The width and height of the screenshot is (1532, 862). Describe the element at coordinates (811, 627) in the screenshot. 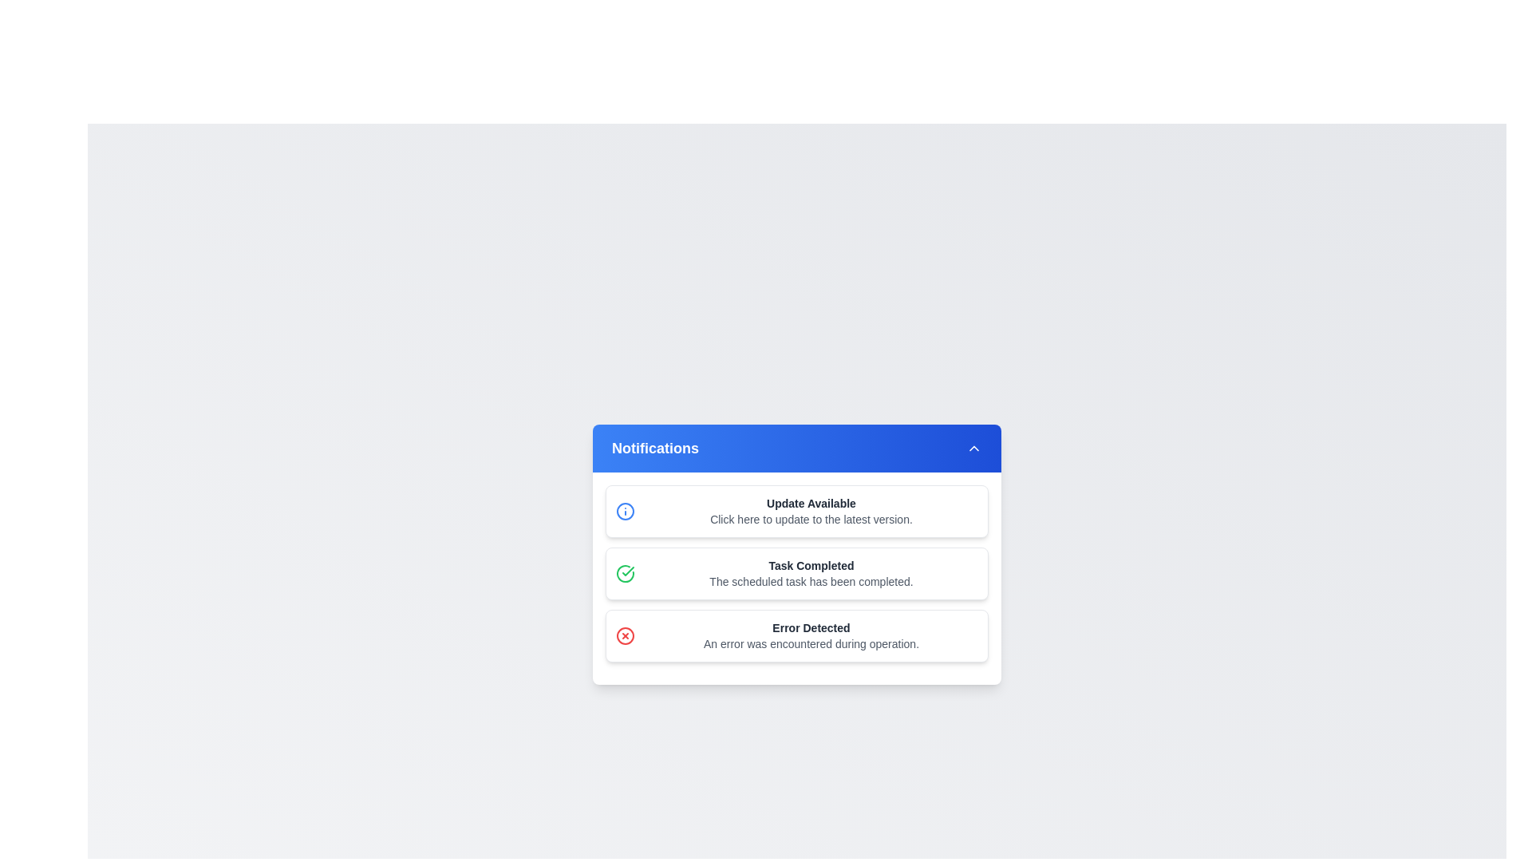

I see `the text label indicating an error status in the bottommost notification card, located above the description 'An error was encountered during operation.' and next to a red error icon` at that location.